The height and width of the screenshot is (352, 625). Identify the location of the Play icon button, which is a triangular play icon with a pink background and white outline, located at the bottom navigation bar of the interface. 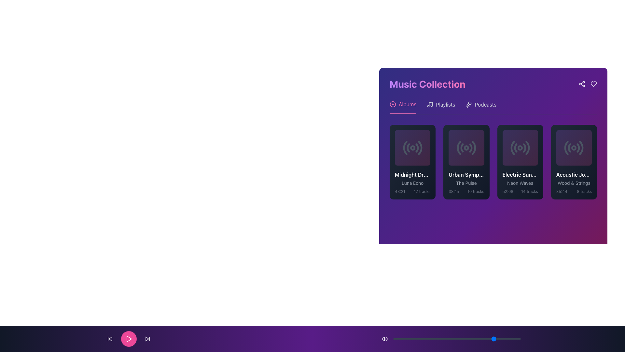
(129, 339).